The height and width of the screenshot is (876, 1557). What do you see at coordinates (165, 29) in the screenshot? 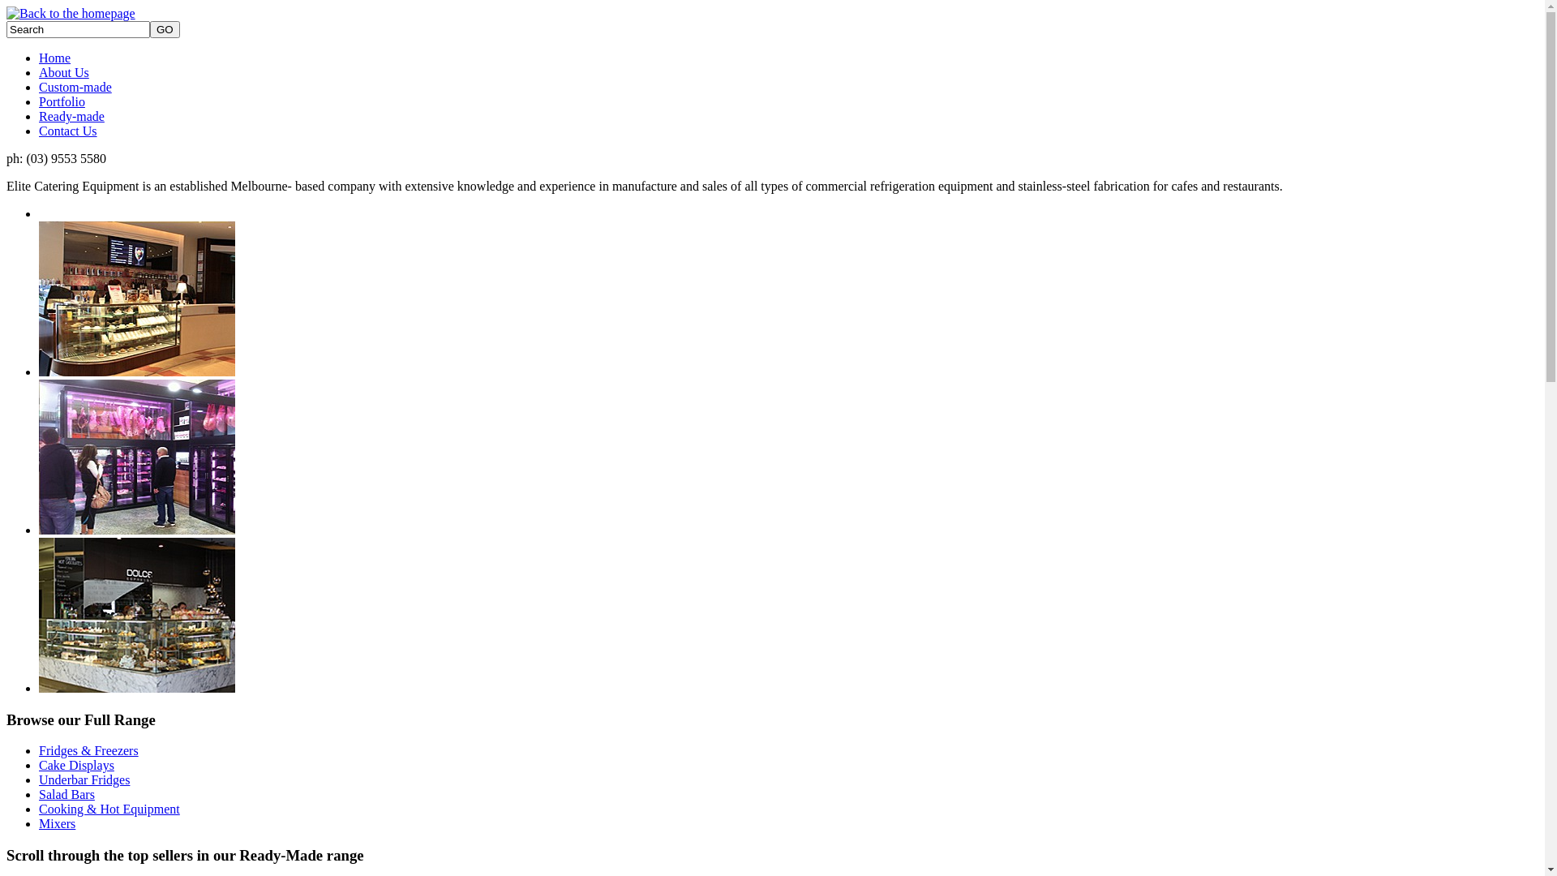
I see `'GO'` at bounding box center [165, 29].